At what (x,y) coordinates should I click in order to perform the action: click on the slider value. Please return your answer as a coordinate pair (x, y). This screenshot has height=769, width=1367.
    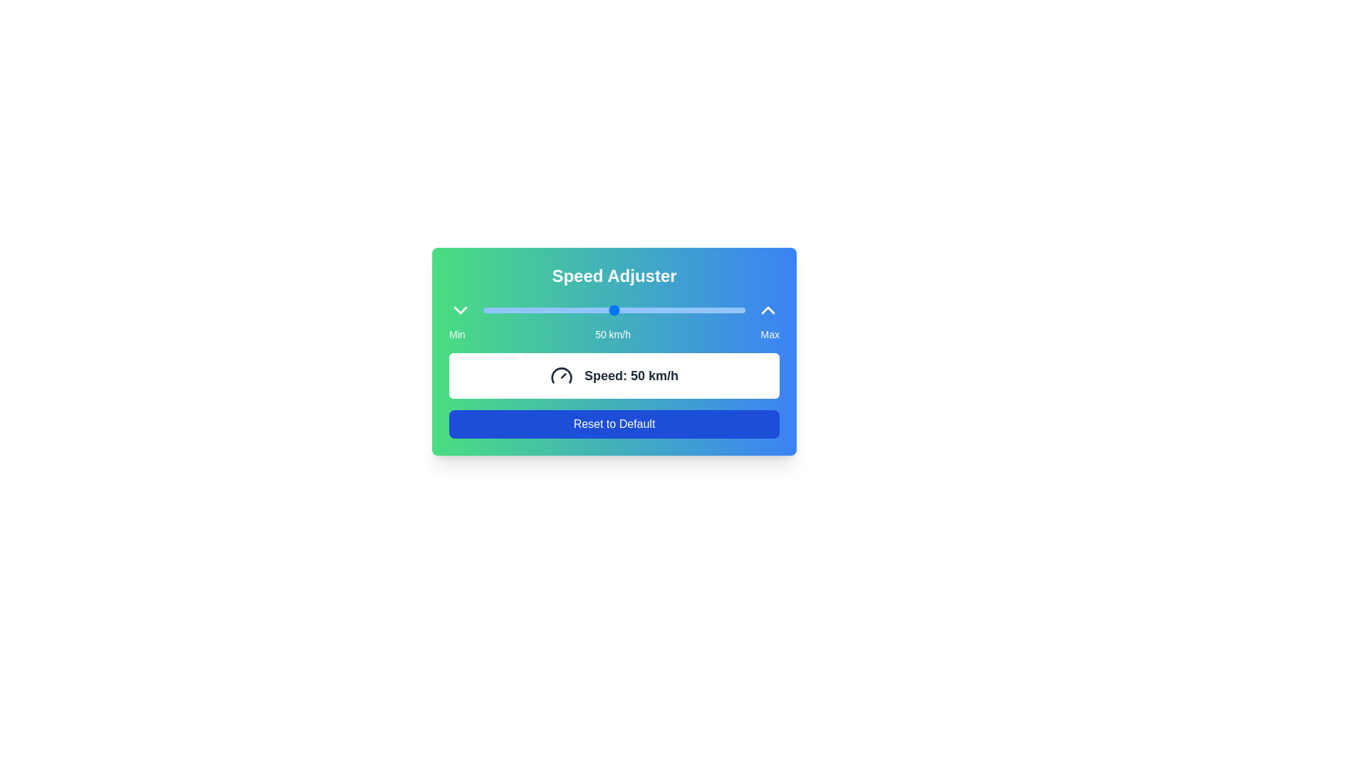
    Looking at the image, I should click on (606, 309).